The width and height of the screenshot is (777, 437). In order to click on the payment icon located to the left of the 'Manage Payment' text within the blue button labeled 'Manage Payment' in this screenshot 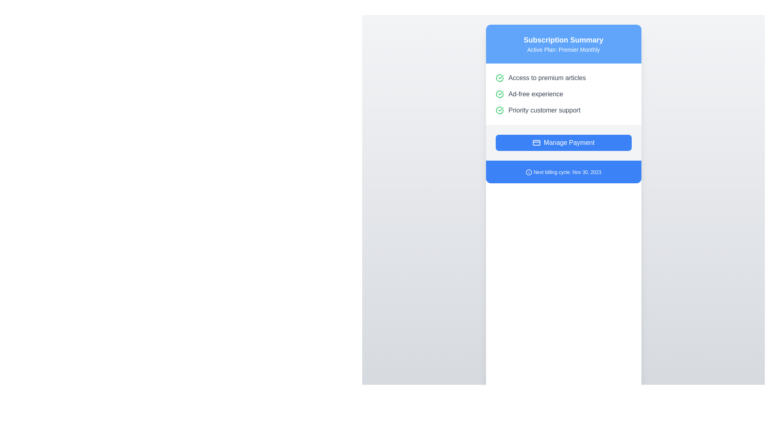, I will do `click(536, 142)`.